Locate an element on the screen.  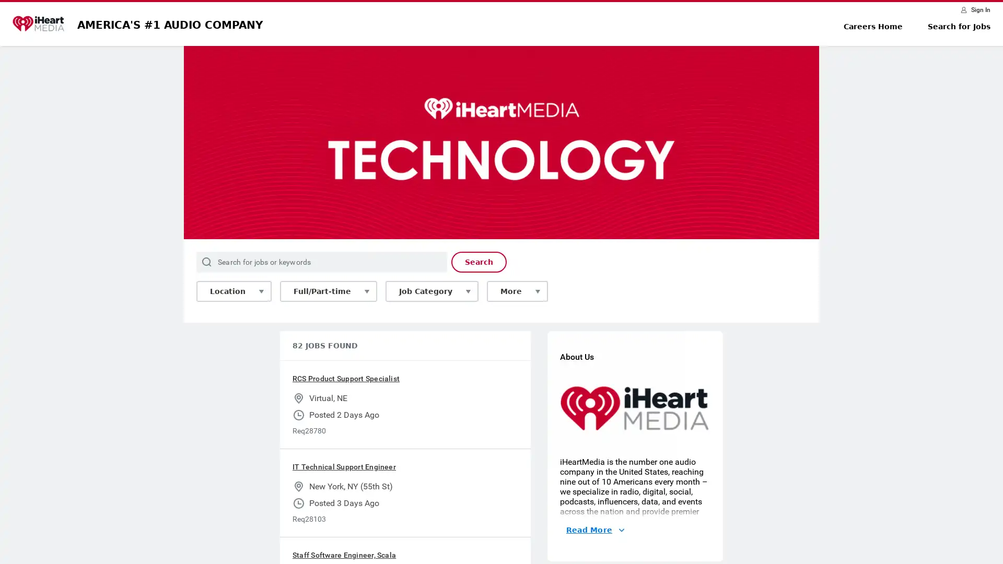
Careers Home is located at coordinates (889, 26).